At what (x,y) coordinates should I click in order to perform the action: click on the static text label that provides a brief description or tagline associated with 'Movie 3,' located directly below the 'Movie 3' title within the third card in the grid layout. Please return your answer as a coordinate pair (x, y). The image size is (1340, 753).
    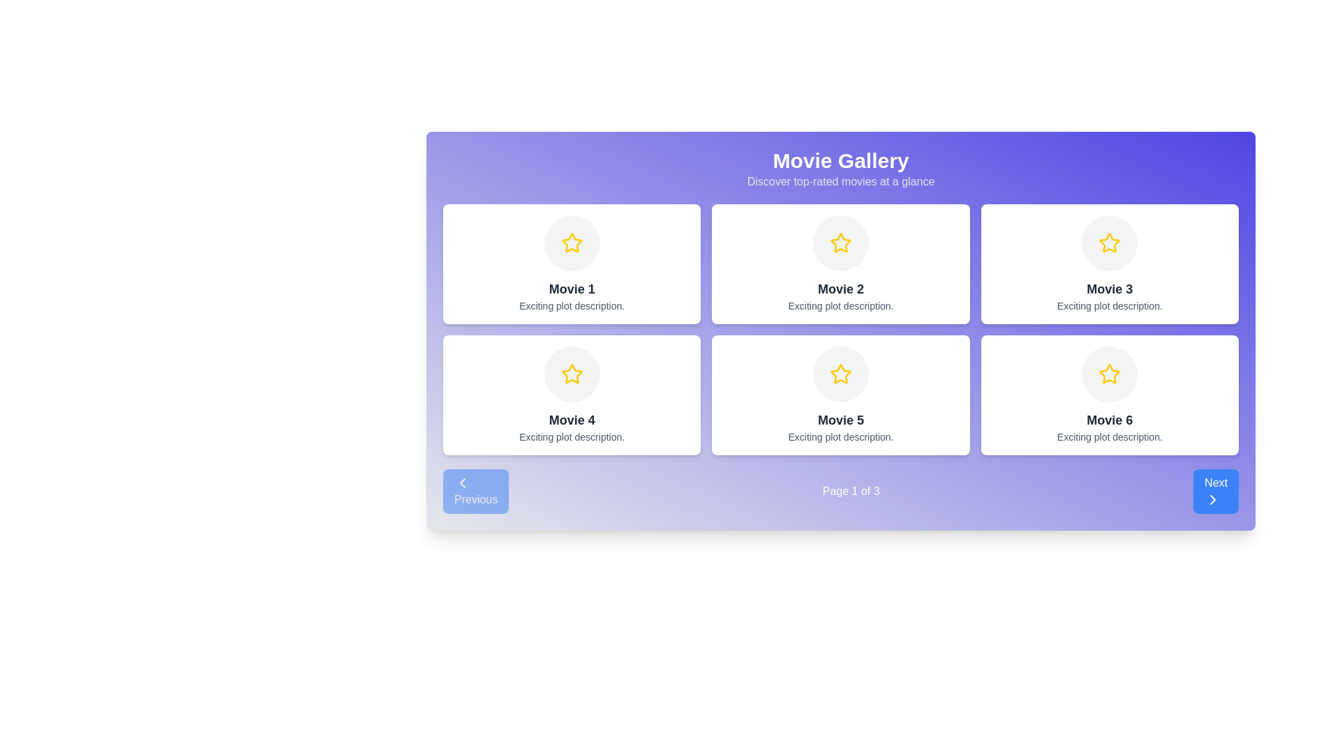
    Looking at the image, I should click on (1109, 305).